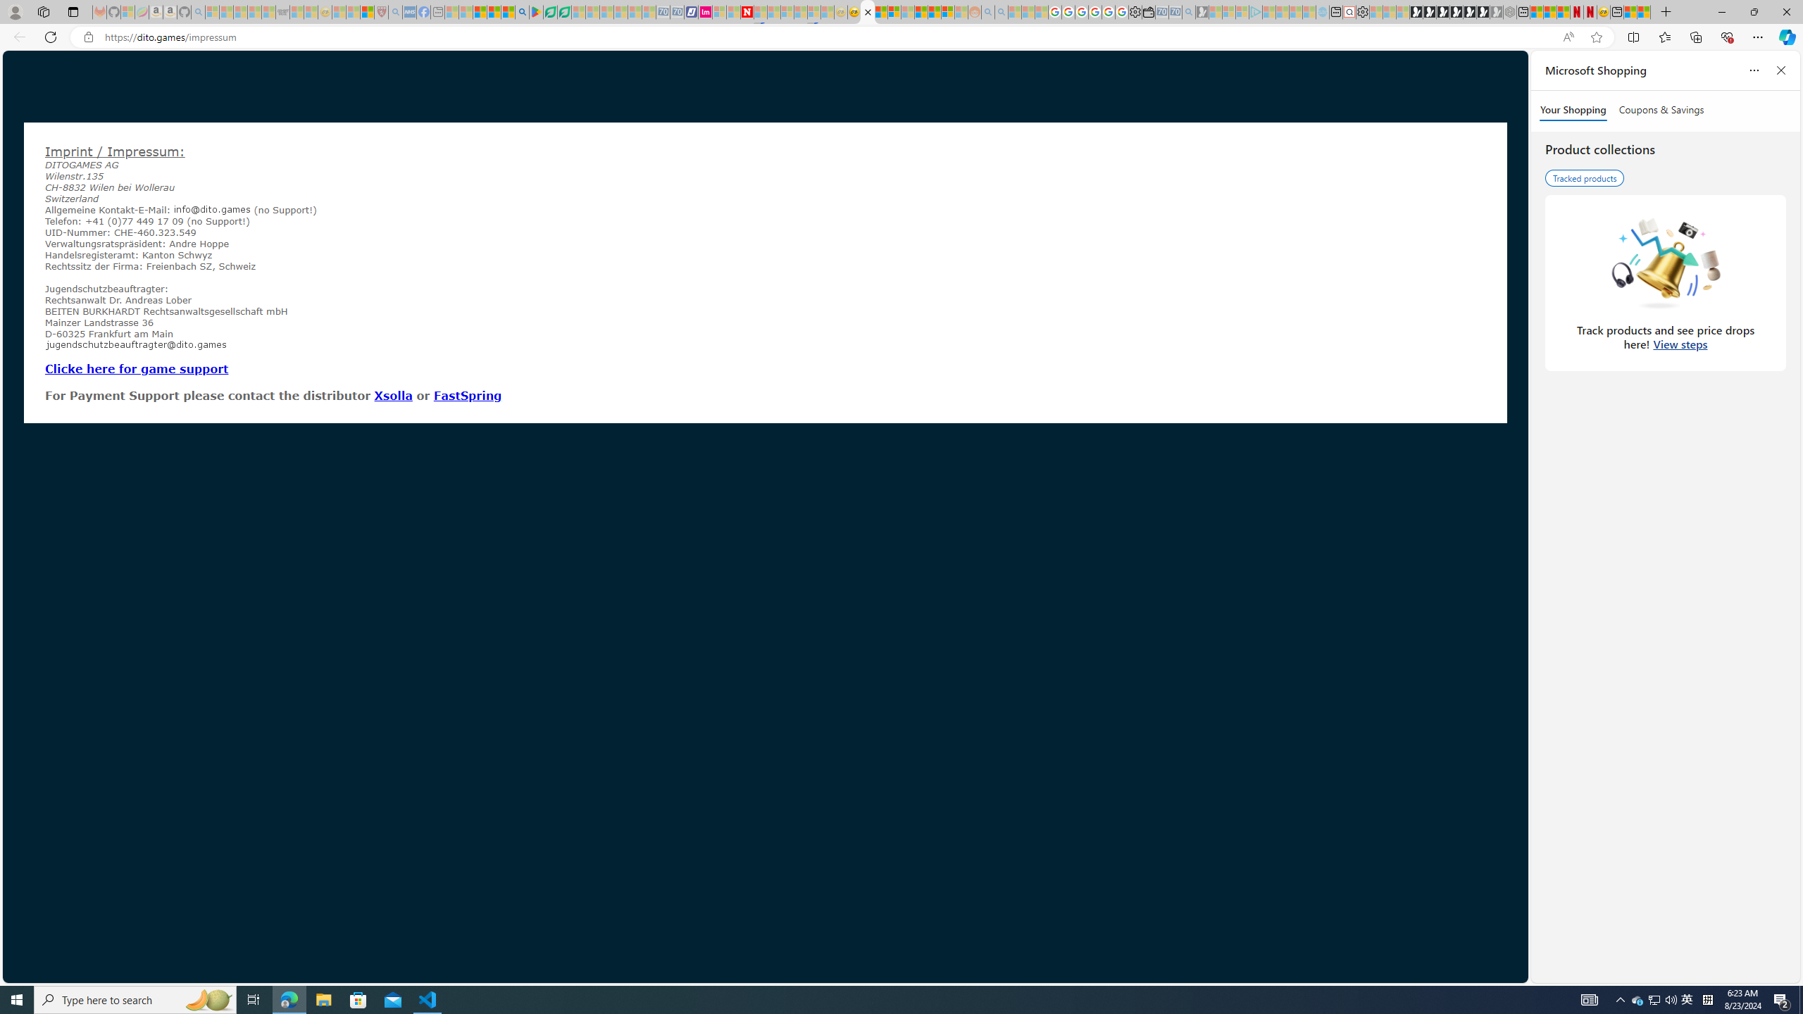 This screenshot has width=1803, height=1014. I want to click on 'Expert Portfolios', so click(921, 11).